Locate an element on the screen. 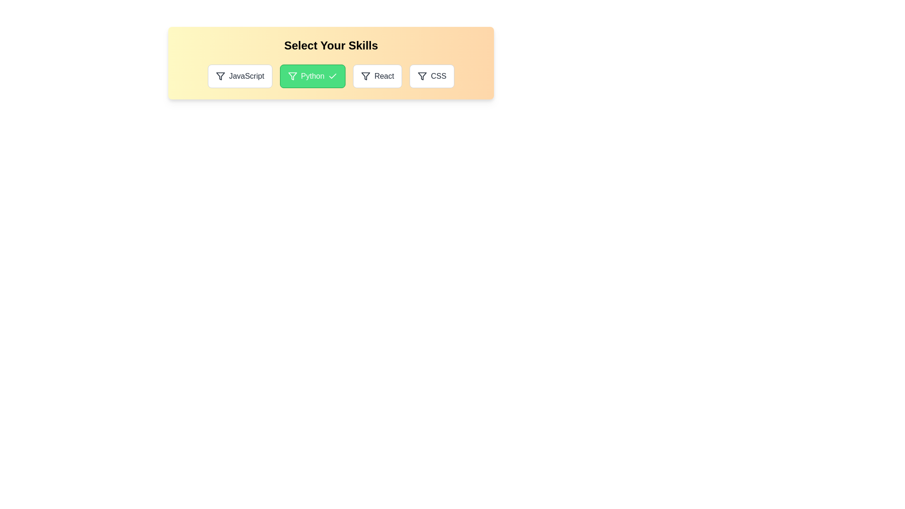  the skill Python is located at coordinates (313, 76).